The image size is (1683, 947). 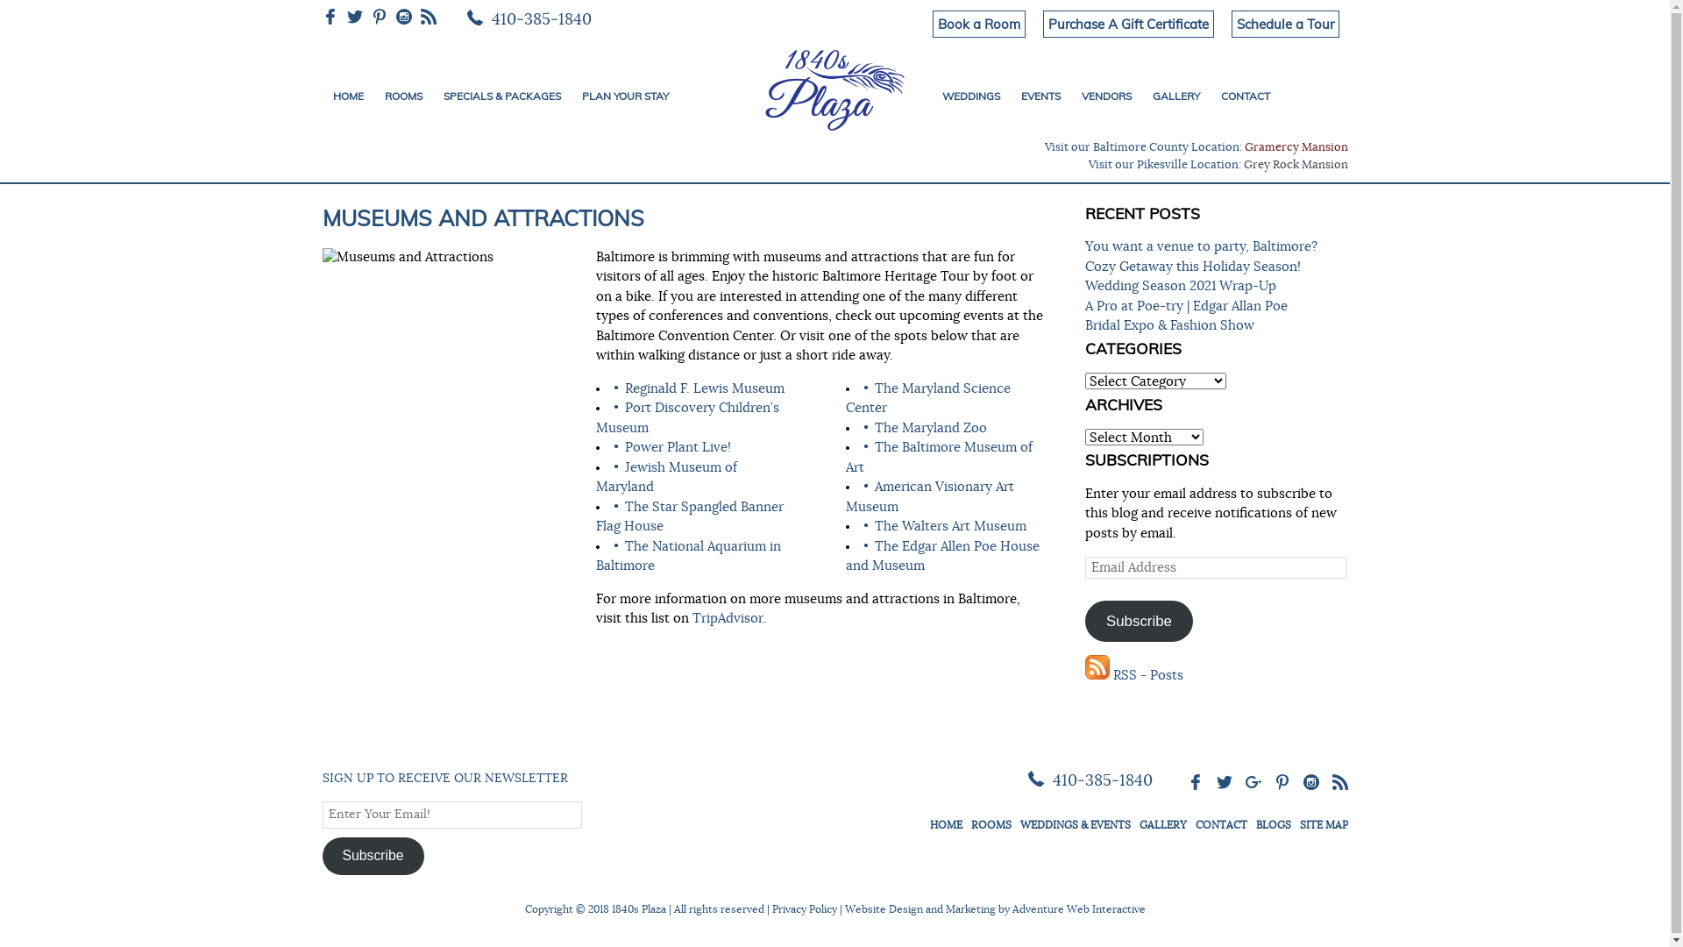 I want to click on 'VENDORS', so click(x=1105, y=96).